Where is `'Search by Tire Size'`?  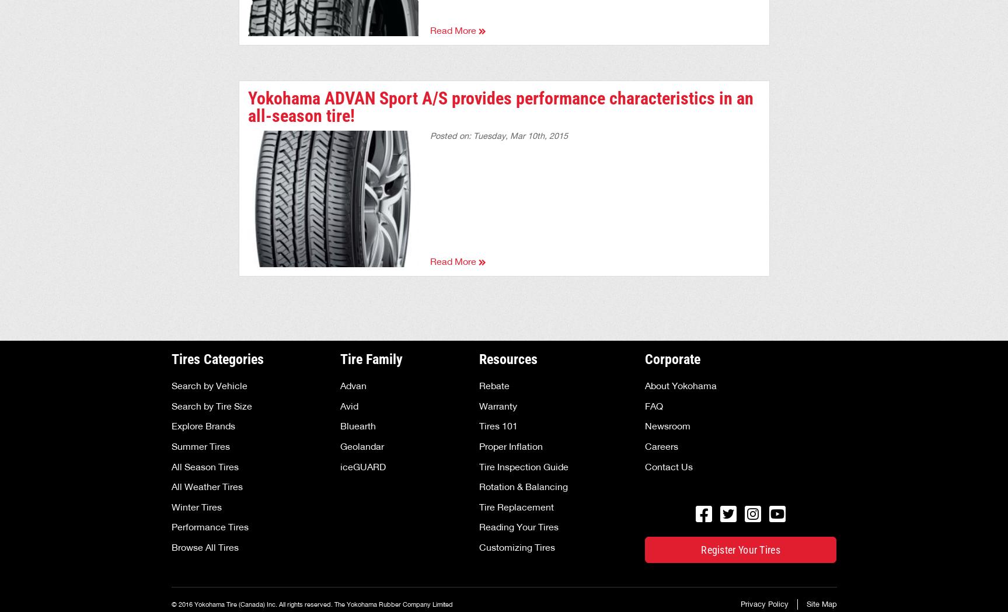 'Search by Tire Size' is located at coordinates (170, 405).